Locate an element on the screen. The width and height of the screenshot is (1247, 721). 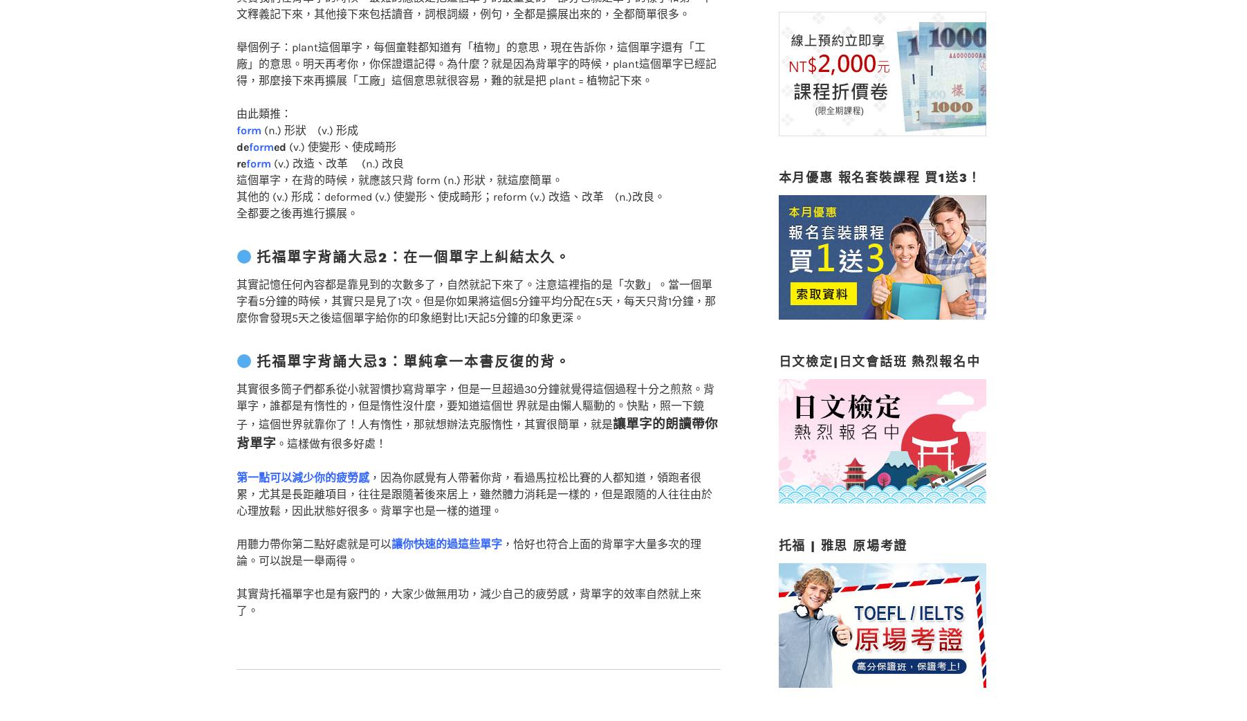
'ed' is located at coordinates (279, 119).